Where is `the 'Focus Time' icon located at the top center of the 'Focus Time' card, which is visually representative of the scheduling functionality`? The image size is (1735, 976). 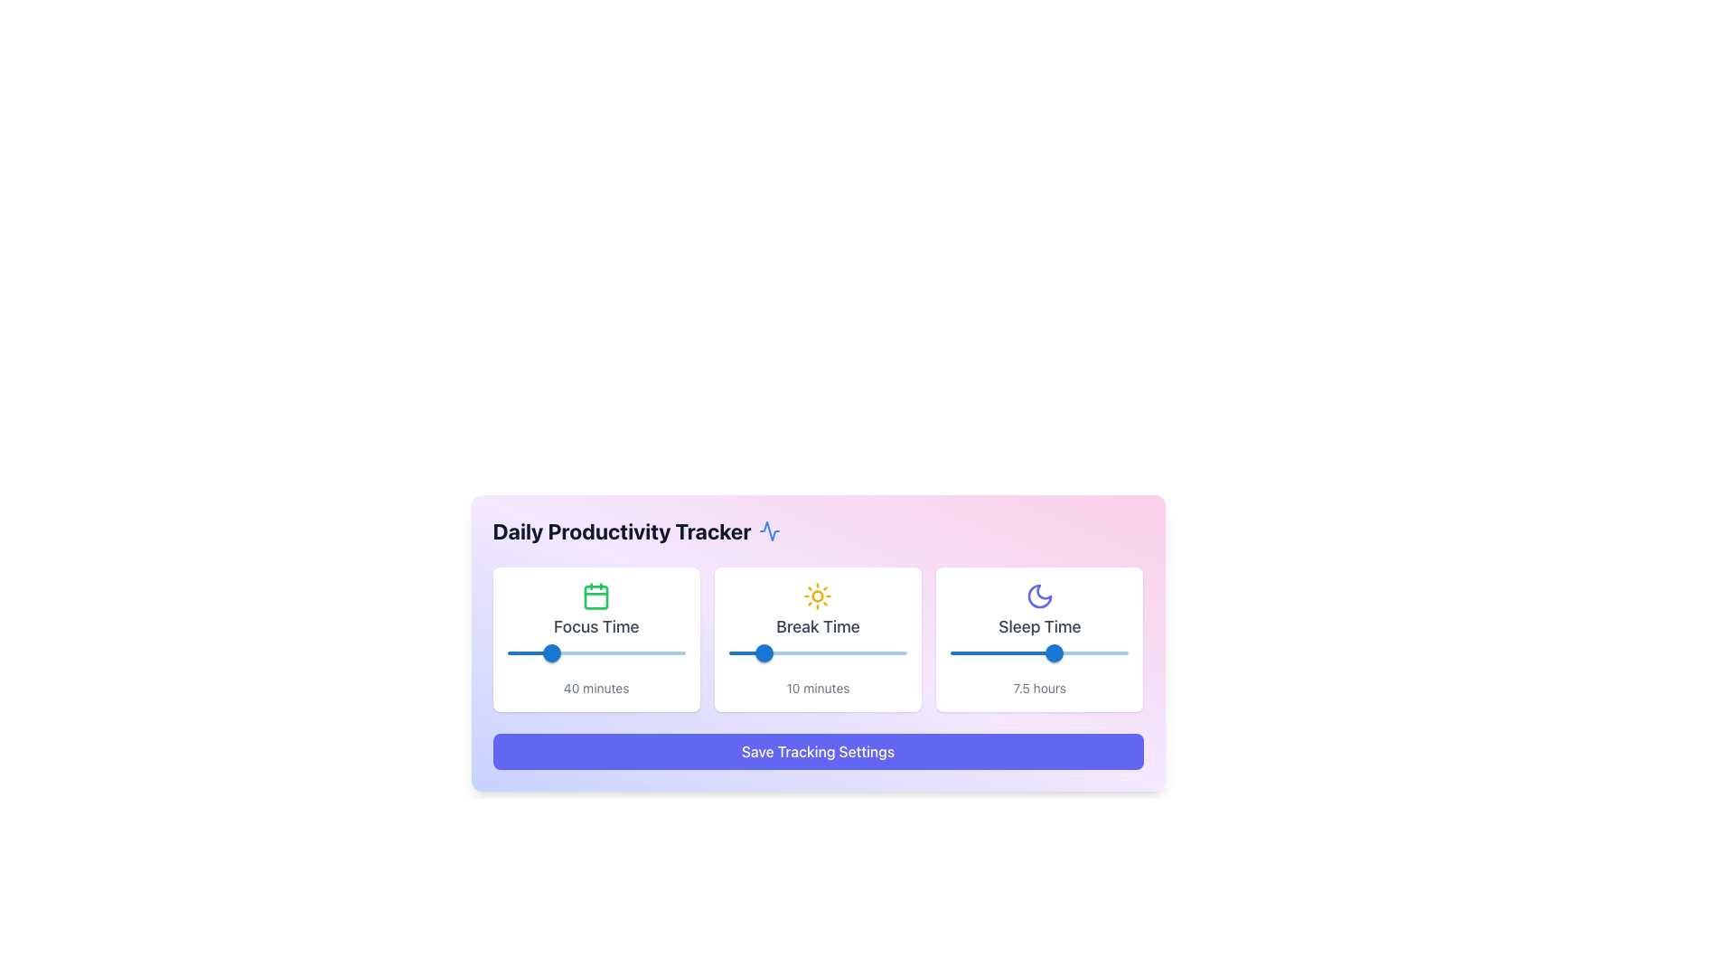 the 'Focus Time' icon located at the top center of the 'Focus Time' card, which is visually representative of the scheduling functionality is located at coordinates (596, 596).